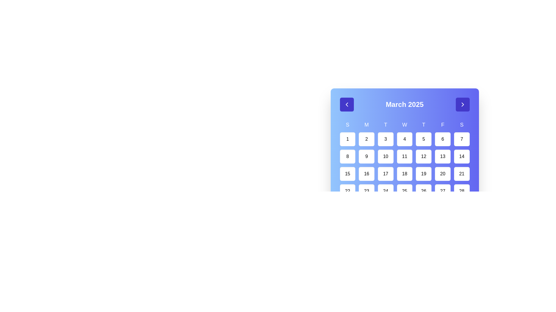 The height and width of the screenshot is (312, 556). What do you see at coordinates (404, 157) in the screenshot?
I see `the button representing the 11th day of March 2025` at bounding box center [404, 157].